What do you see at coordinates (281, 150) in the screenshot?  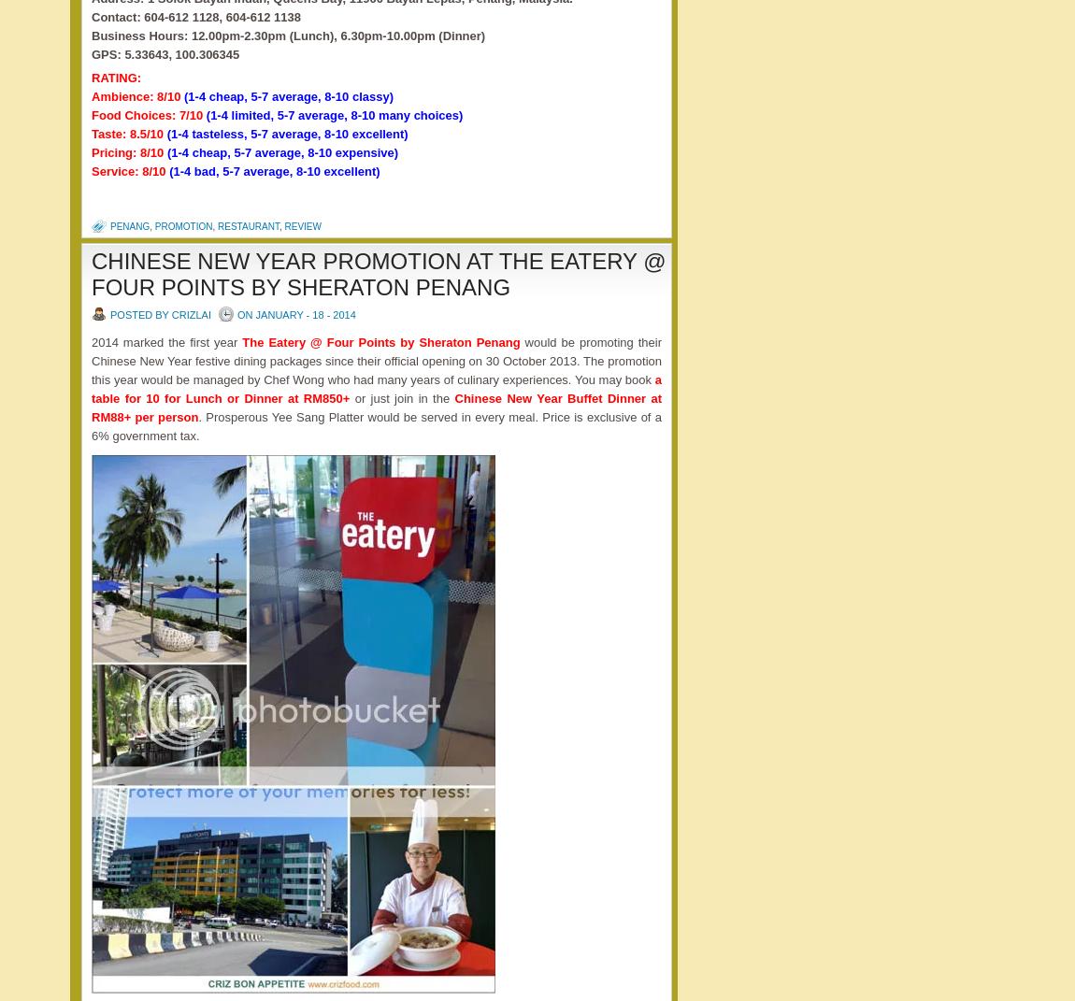 I see `'(1-4 cheap, 5-7 average, 8-10 expensive)'` at bounding box center [281, 150].